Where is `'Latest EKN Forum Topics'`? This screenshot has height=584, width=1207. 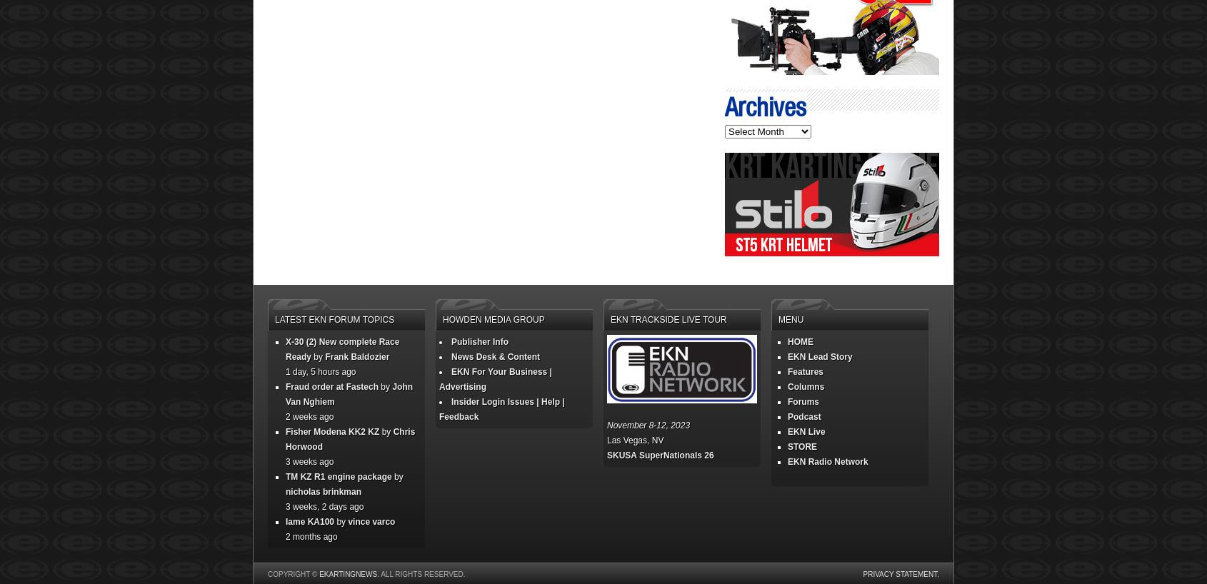 'Latest EKN Forum Topics' is located at coordinates (334, 319).